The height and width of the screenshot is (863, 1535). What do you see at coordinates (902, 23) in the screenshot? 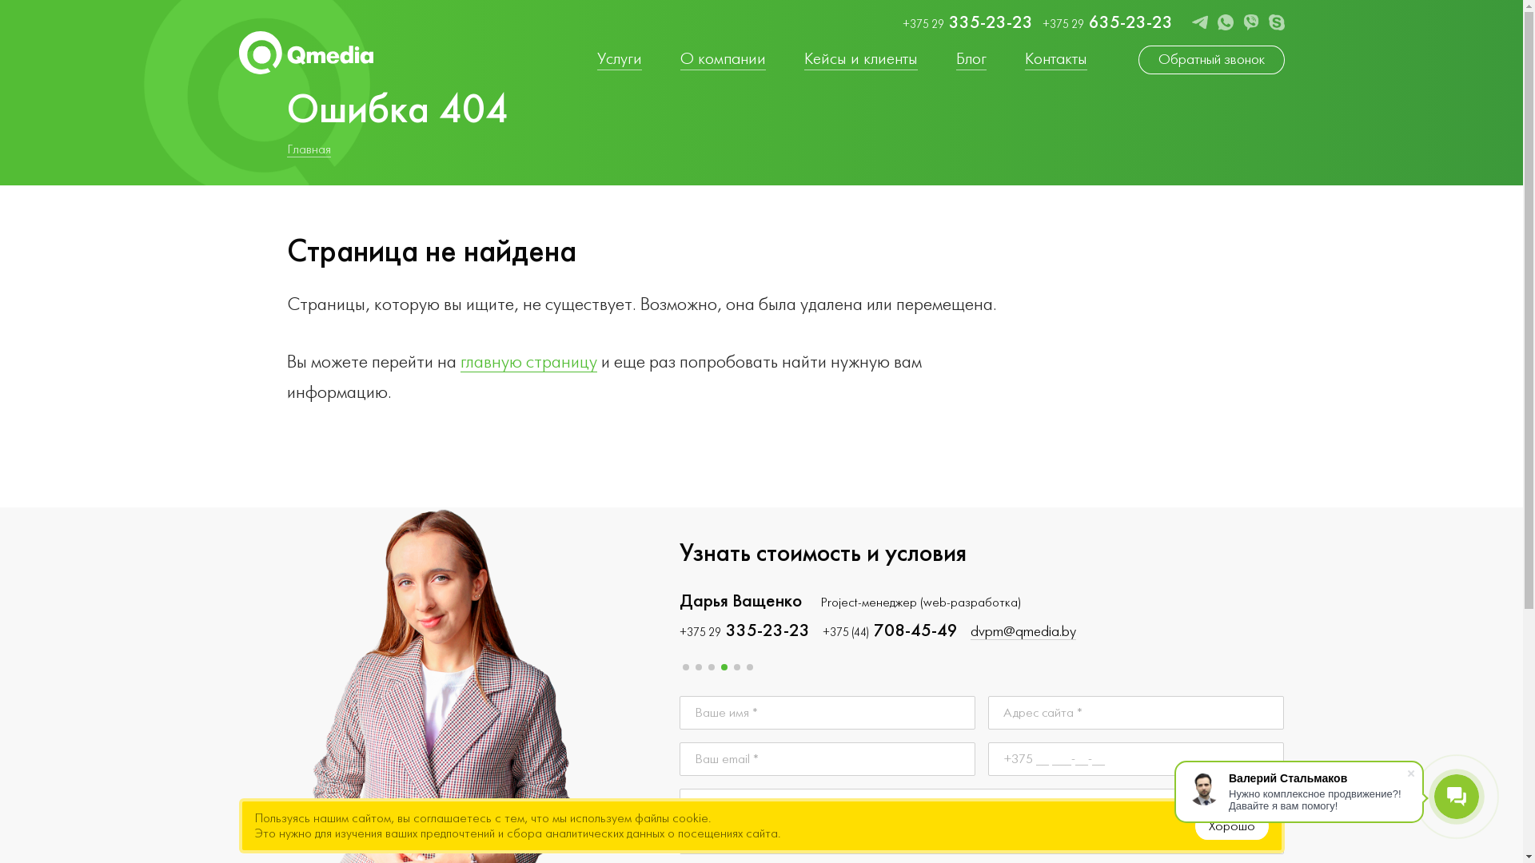
I see `'+375 29 335-23-23'` at bounding box center [902, 23].